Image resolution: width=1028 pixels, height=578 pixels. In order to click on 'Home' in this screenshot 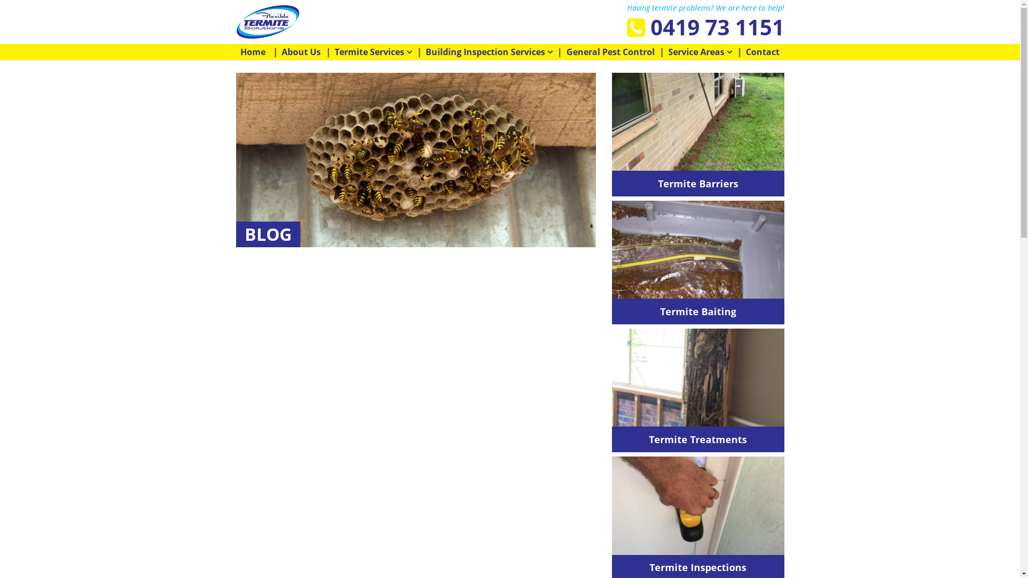, I will do `click(252, 51)`.